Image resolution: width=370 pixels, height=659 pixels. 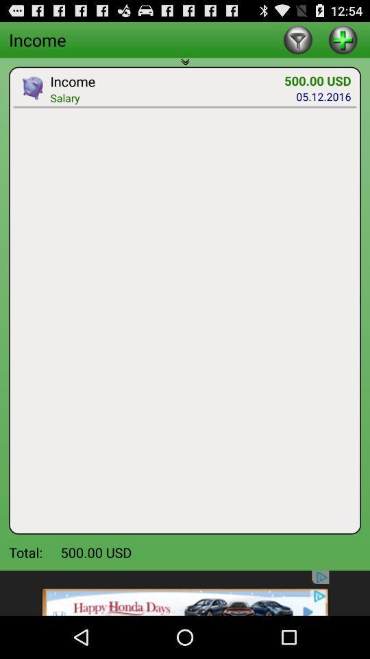 I want to click on the expand_more icon, so click(x=185, y=70).